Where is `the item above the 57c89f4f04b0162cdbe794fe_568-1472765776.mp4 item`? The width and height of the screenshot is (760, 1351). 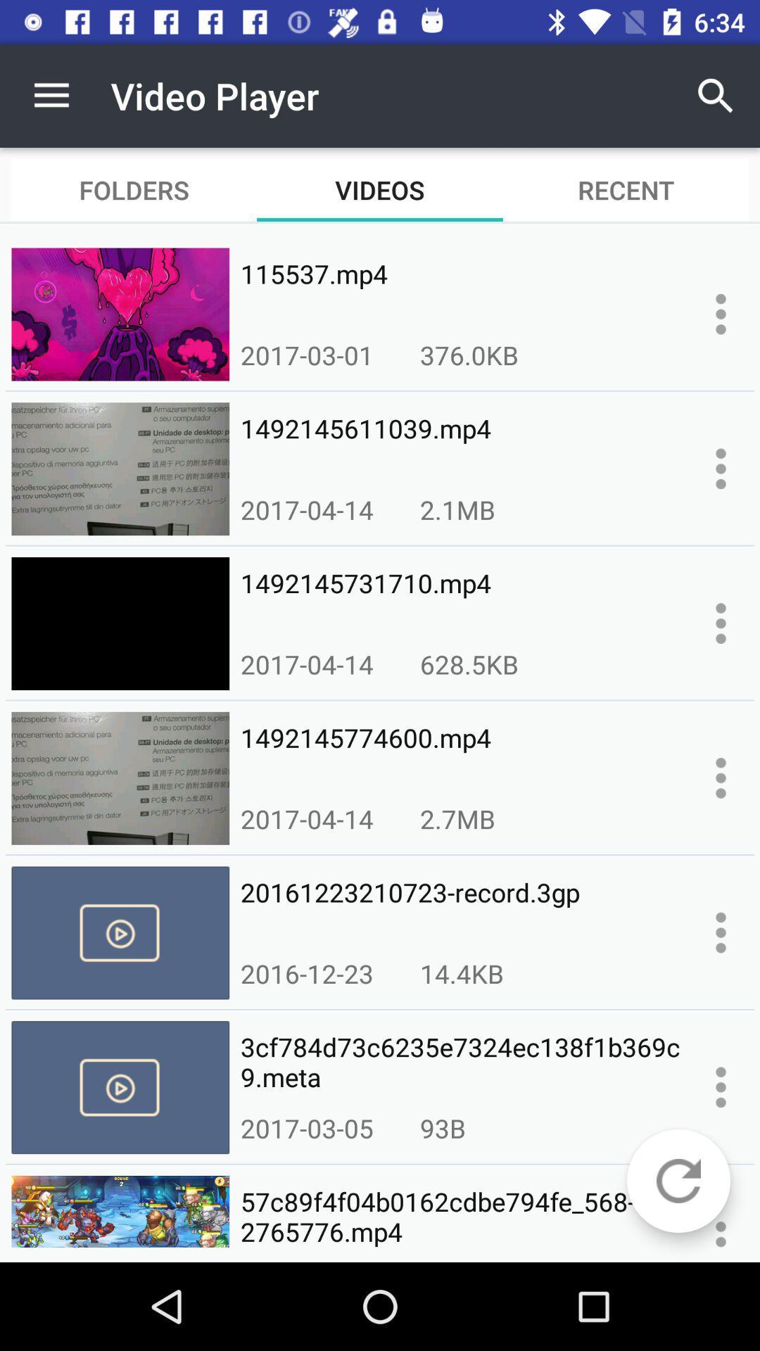 the item above the 57c89f4f04b0162cdbe794fe_568-1472765776.mp4 item is located at coordinates (442, 1128).